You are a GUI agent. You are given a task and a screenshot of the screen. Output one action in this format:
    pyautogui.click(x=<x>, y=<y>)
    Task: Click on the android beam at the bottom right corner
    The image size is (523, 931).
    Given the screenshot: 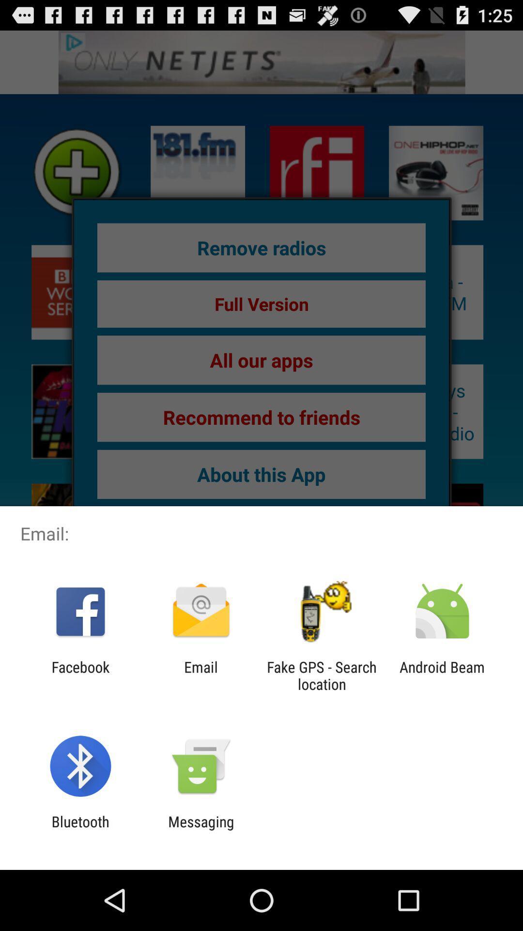 What is the action you would take?
    pyautogui.click(x=442, y=675)
    